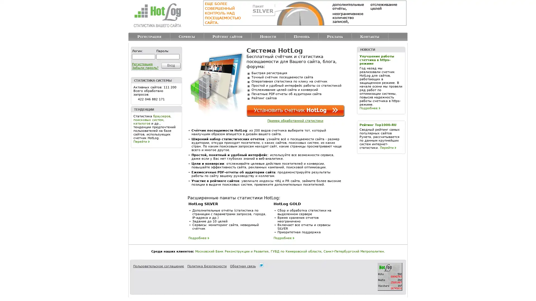 The height and width of the screenshot is (301, 536). Describe the element at coordinates (170, 65) in the screenshot. I see `Submit` at that location.